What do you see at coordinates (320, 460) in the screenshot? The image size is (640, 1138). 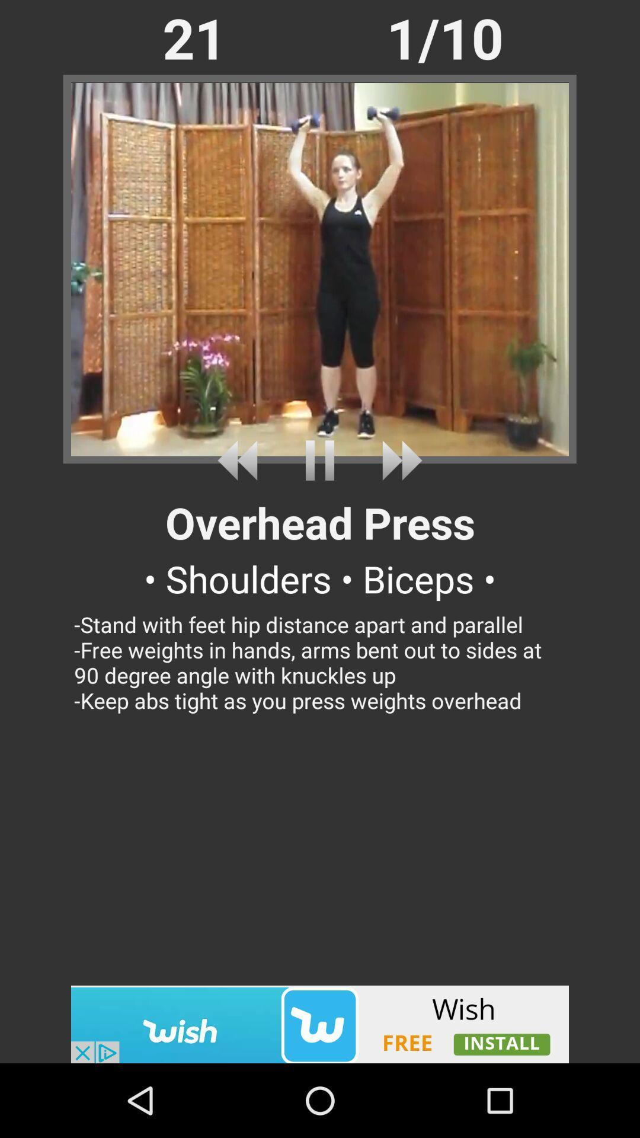 I see `stop` at bounding box center [320, 460].